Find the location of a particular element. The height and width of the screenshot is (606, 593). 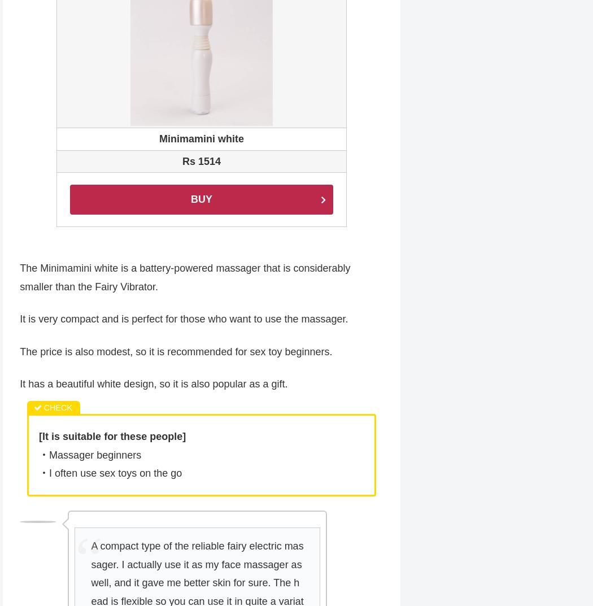

'・Massager beginners' is located at coordinates (90, 456).